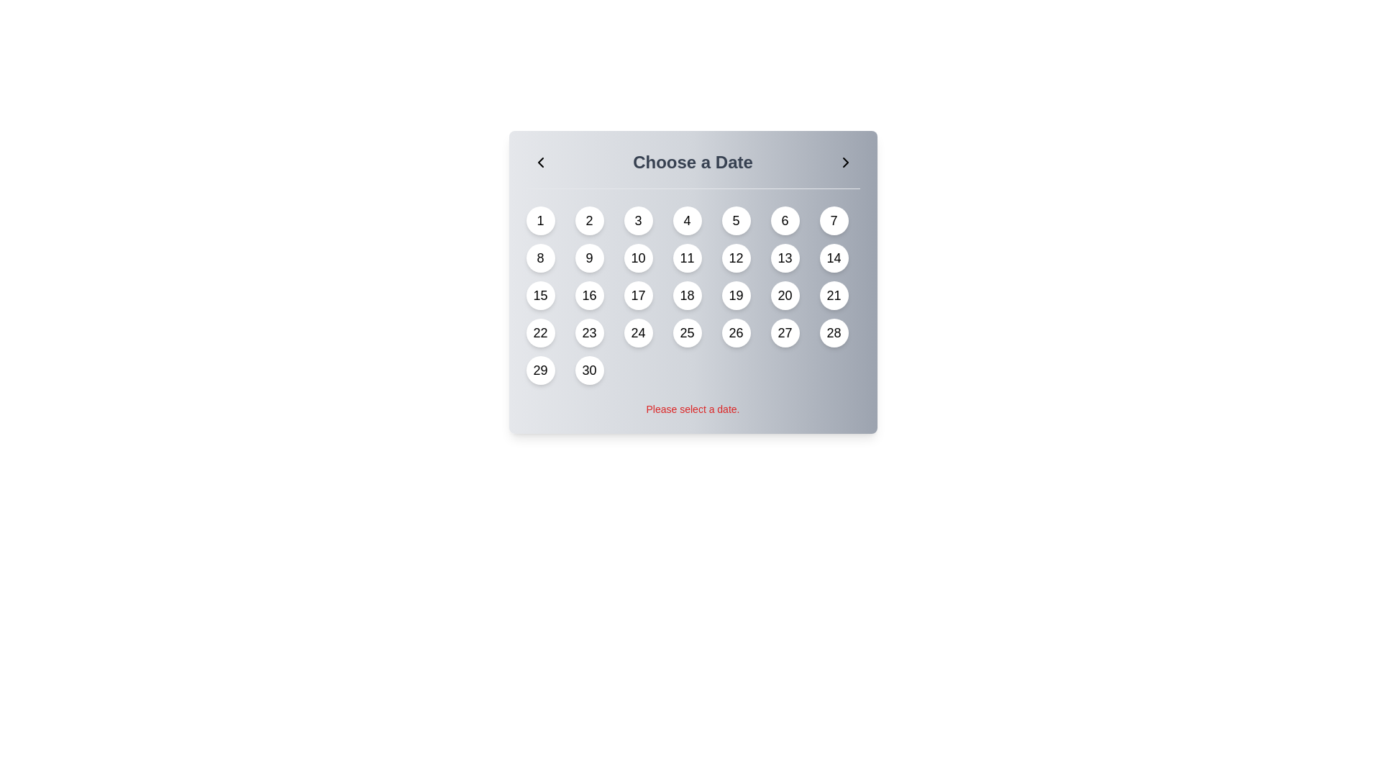  I want to click on the button for selecting the day '10' in the calendar interface, so click(637, 257).